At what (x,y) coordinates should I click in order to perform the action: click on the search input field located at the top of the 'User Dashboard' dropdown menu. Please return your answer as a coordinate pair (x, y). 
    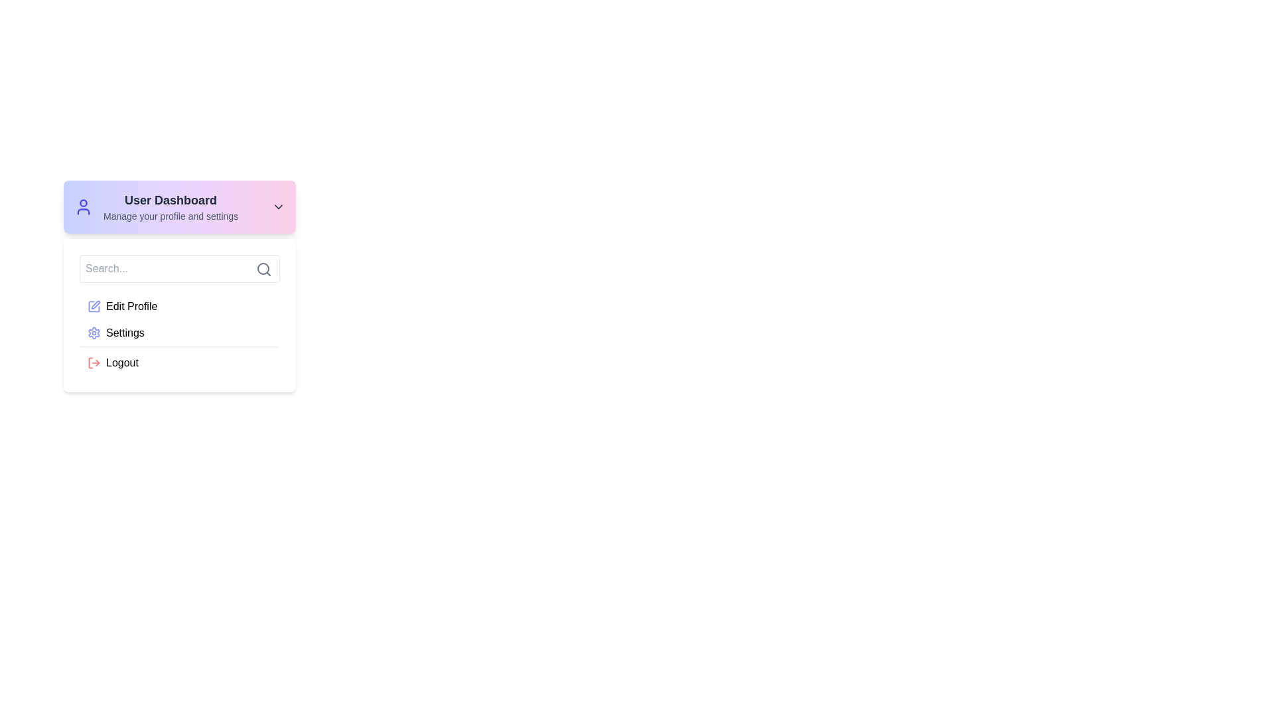
    Looking at the image, I should click on (178, 269).